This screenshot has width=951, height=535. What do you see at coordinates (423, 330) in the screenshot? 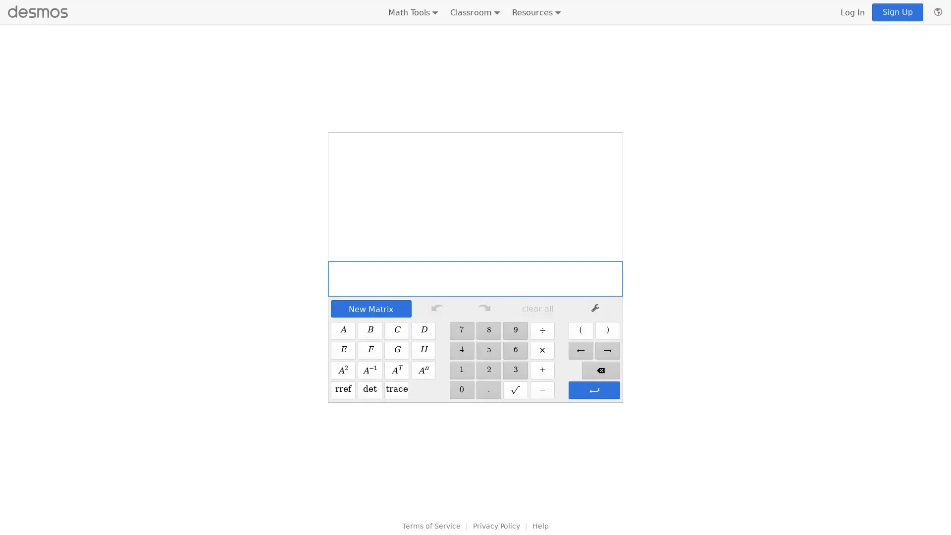
I see `D` at bounding box center [423, 330].